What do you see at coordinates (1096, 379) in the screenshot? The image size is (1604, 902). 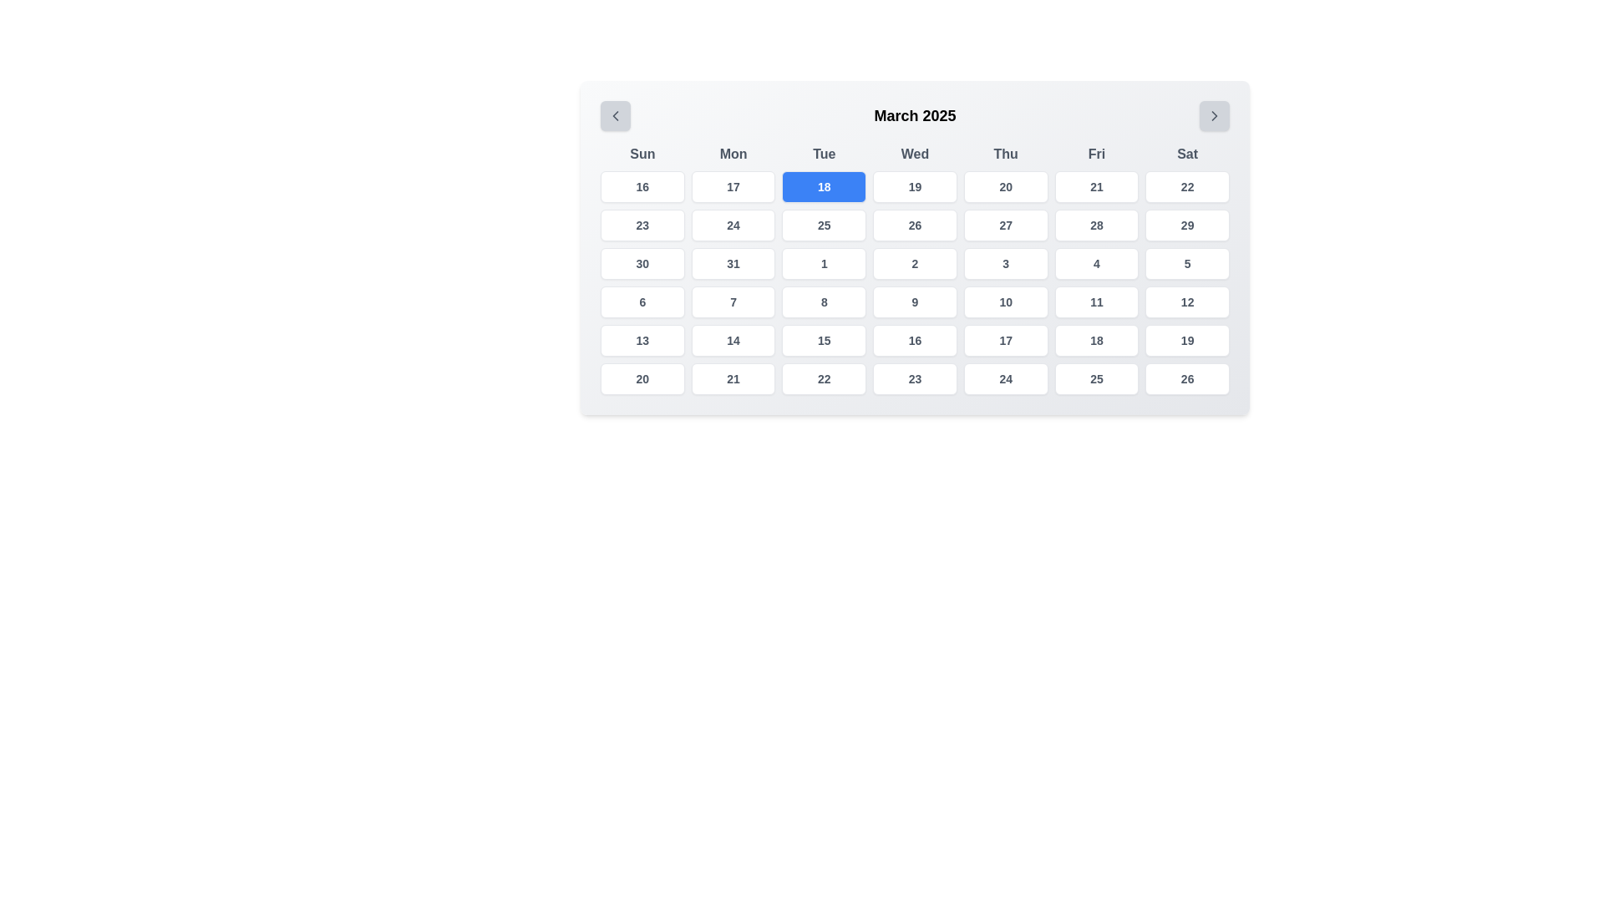 I see `the calendar date cell representing the 25th day of the month, located in the last row and fifth column of the calendar grid` at bounding box center [1096, 379].